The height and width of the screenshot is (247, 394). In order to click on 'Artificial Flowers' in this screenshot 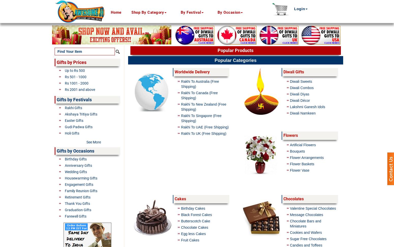, I will do `click(303, 145)`.